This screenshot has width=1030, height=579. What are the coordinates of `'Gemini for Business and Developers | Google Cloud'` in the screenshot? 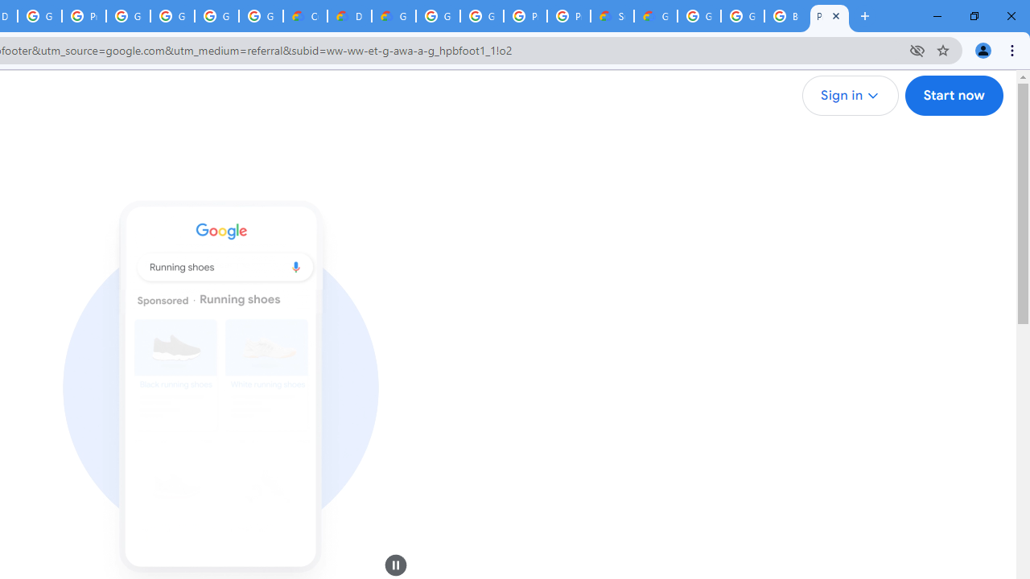 It's located at (393, 16).